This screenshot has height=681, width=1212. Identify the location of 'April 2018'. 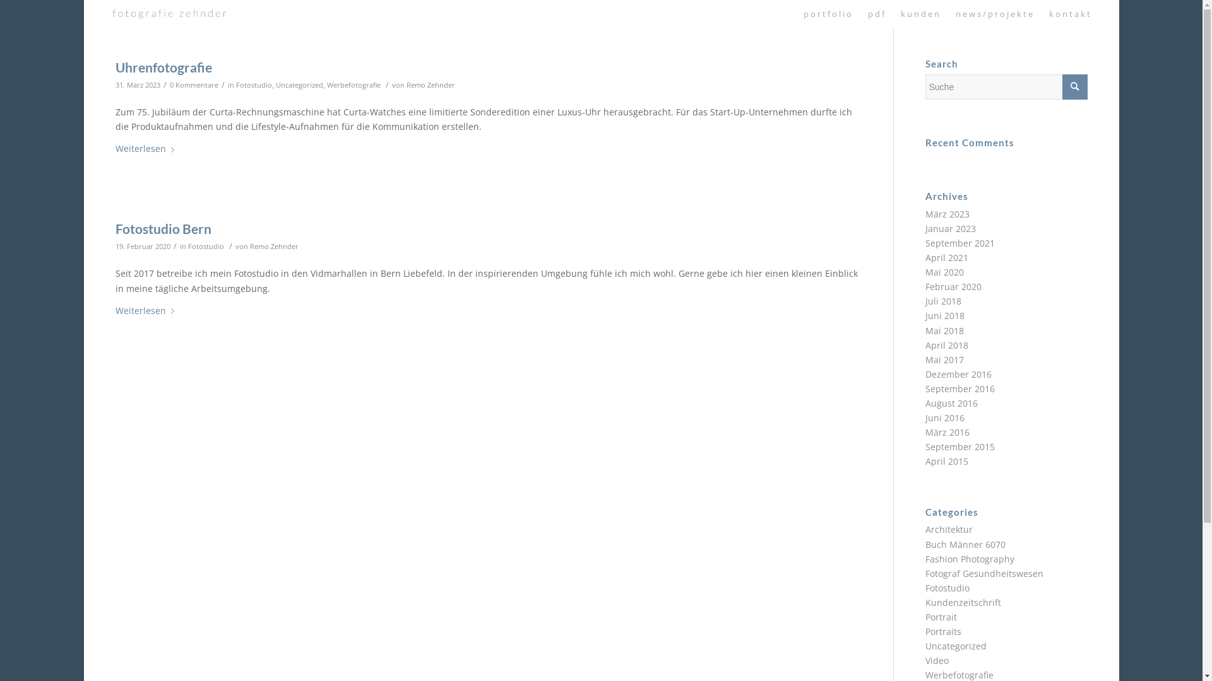
(946, 345).